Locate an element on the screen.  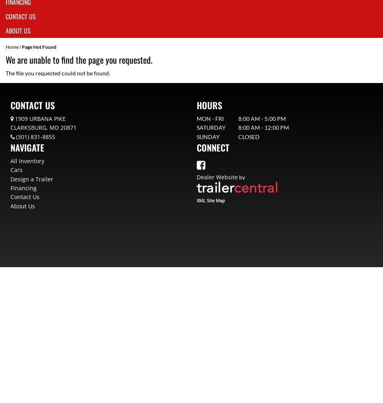
'Navigate' is located at coordinates (27, 147).